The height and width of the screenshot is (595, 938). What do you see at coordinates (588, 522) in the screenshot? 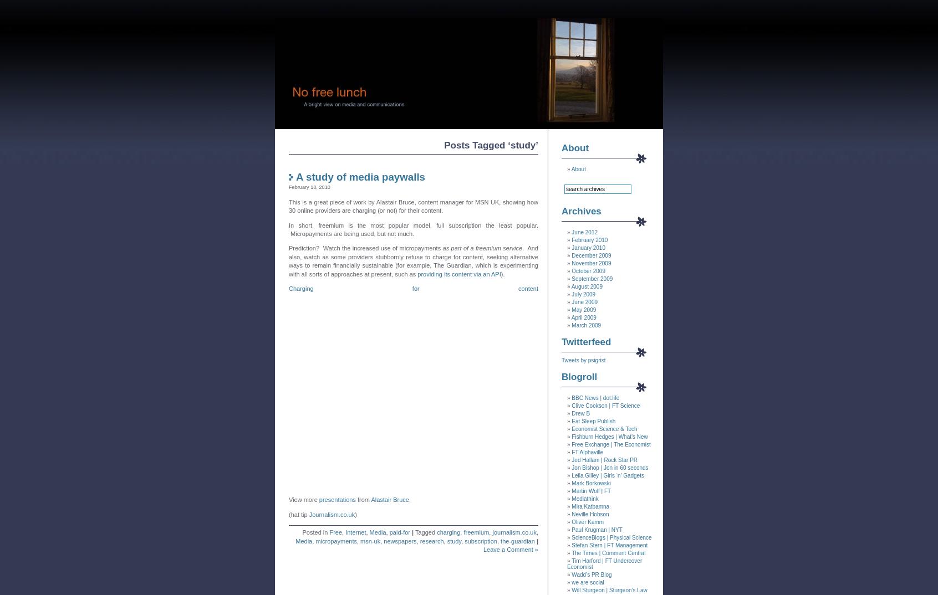
I see `'Oliver Kamm'` at bounding box center [588, 522].